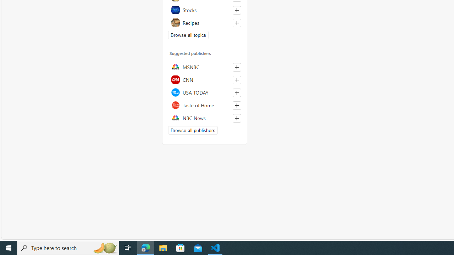  Describe the element at coordinates (204, 105) in the screenshot. I see `'Taste of Home'` at that location.